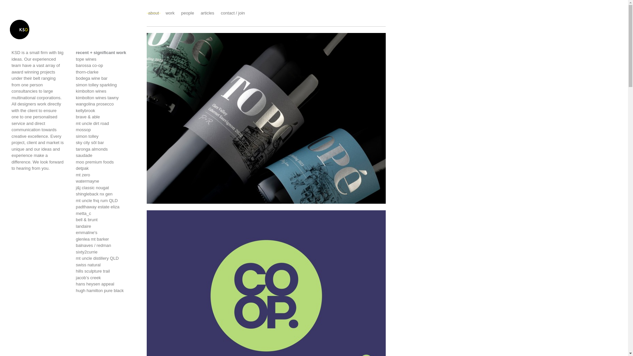 The height and width of the screenshot is (356, 633). Describe the element at coordinates (105, 116) in the screenshot. I see `'brave & able'` at that location.